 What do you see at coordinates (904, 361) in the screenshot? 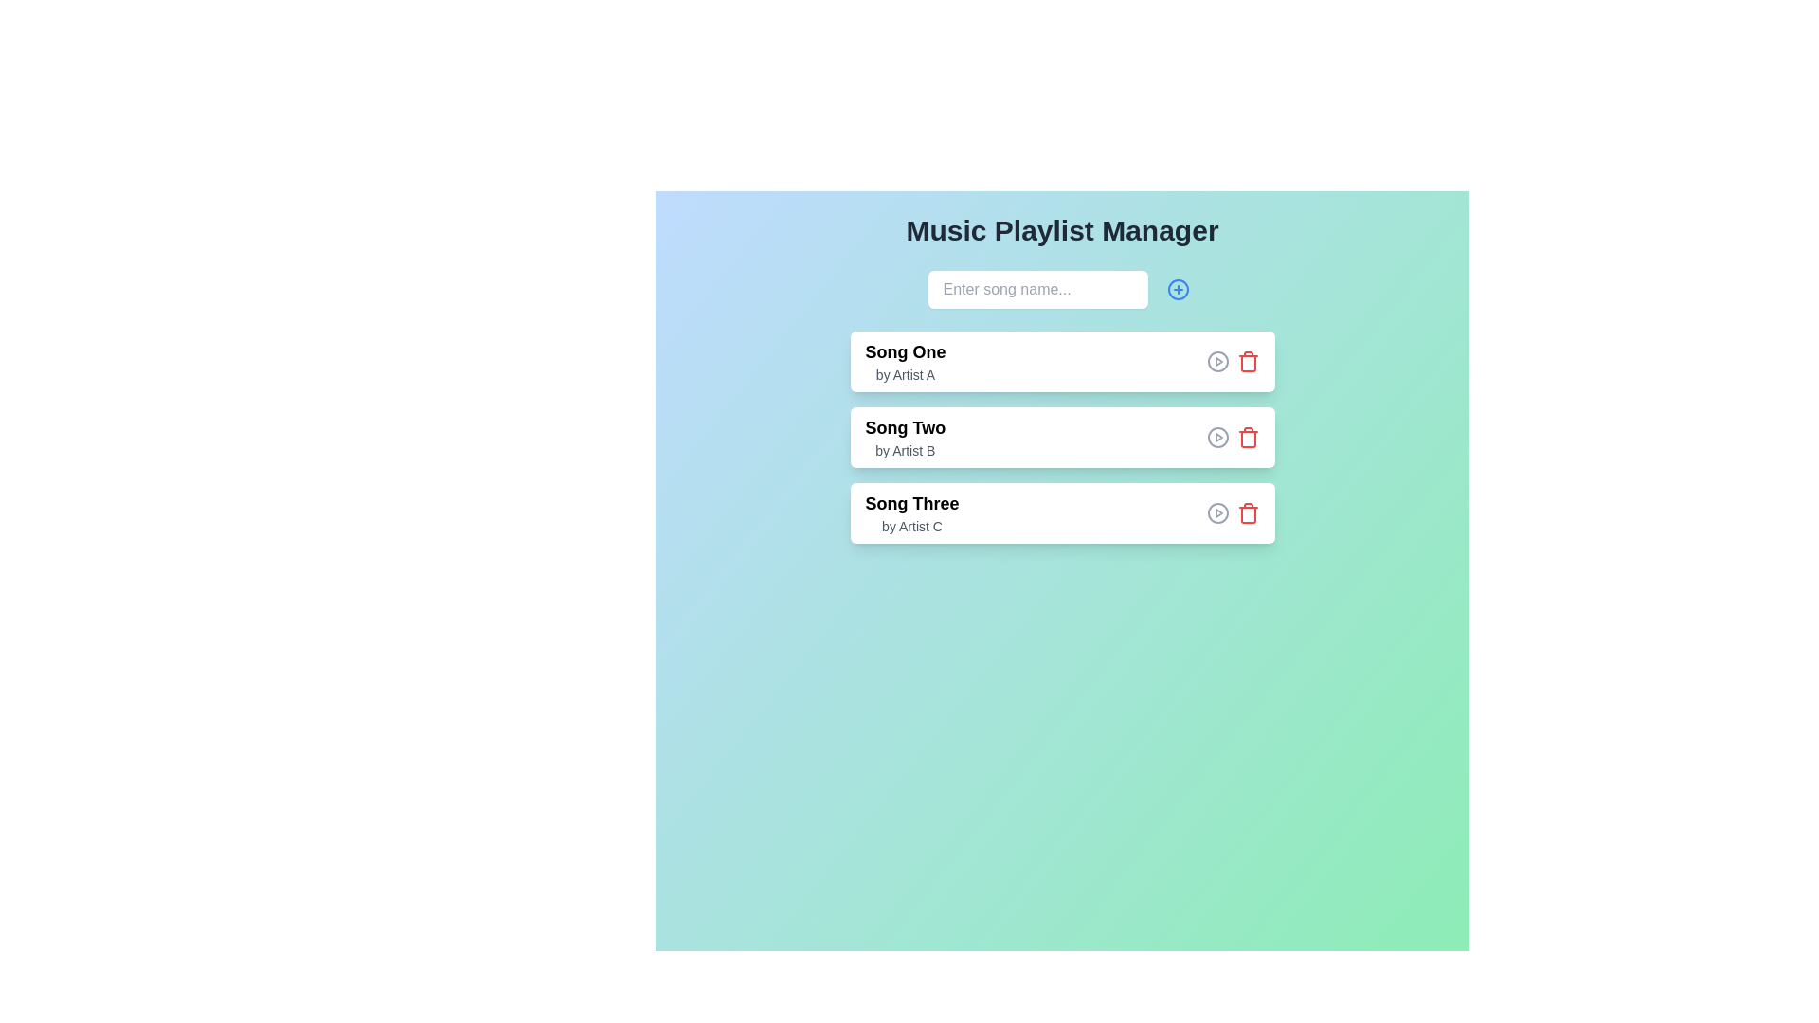
I see `the text label displaying 'Song One by Artist A'` at bounding box center [904, 361].